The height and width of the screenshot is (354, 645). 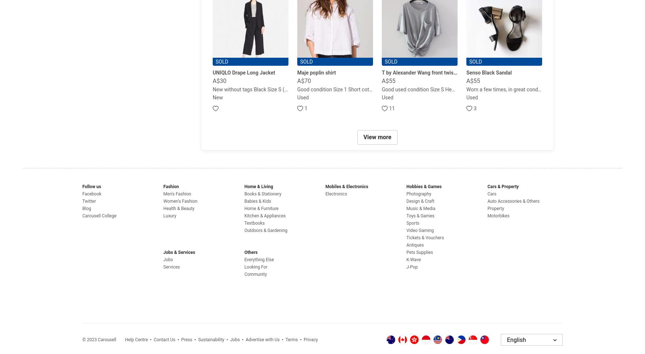 What do you see at coordinates (316, 73) in the screenshot?
I see `'Maje poplin shirt'` at bounding box center [316, 73].